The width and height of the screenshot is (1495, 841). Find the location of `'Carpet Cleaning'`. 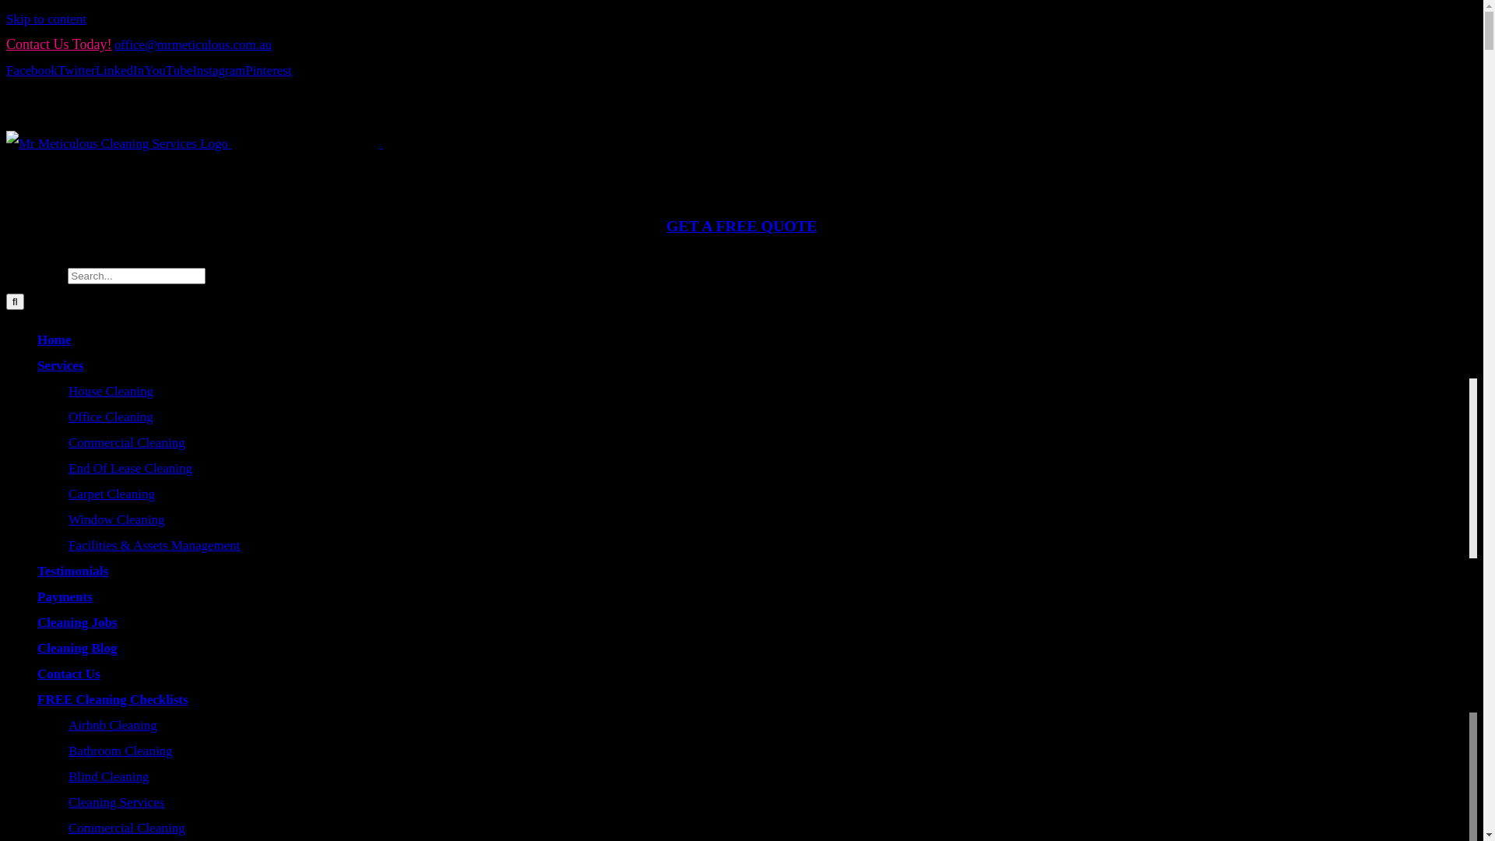

'Carpet Cleaning' is located at coordinates (111, 494).